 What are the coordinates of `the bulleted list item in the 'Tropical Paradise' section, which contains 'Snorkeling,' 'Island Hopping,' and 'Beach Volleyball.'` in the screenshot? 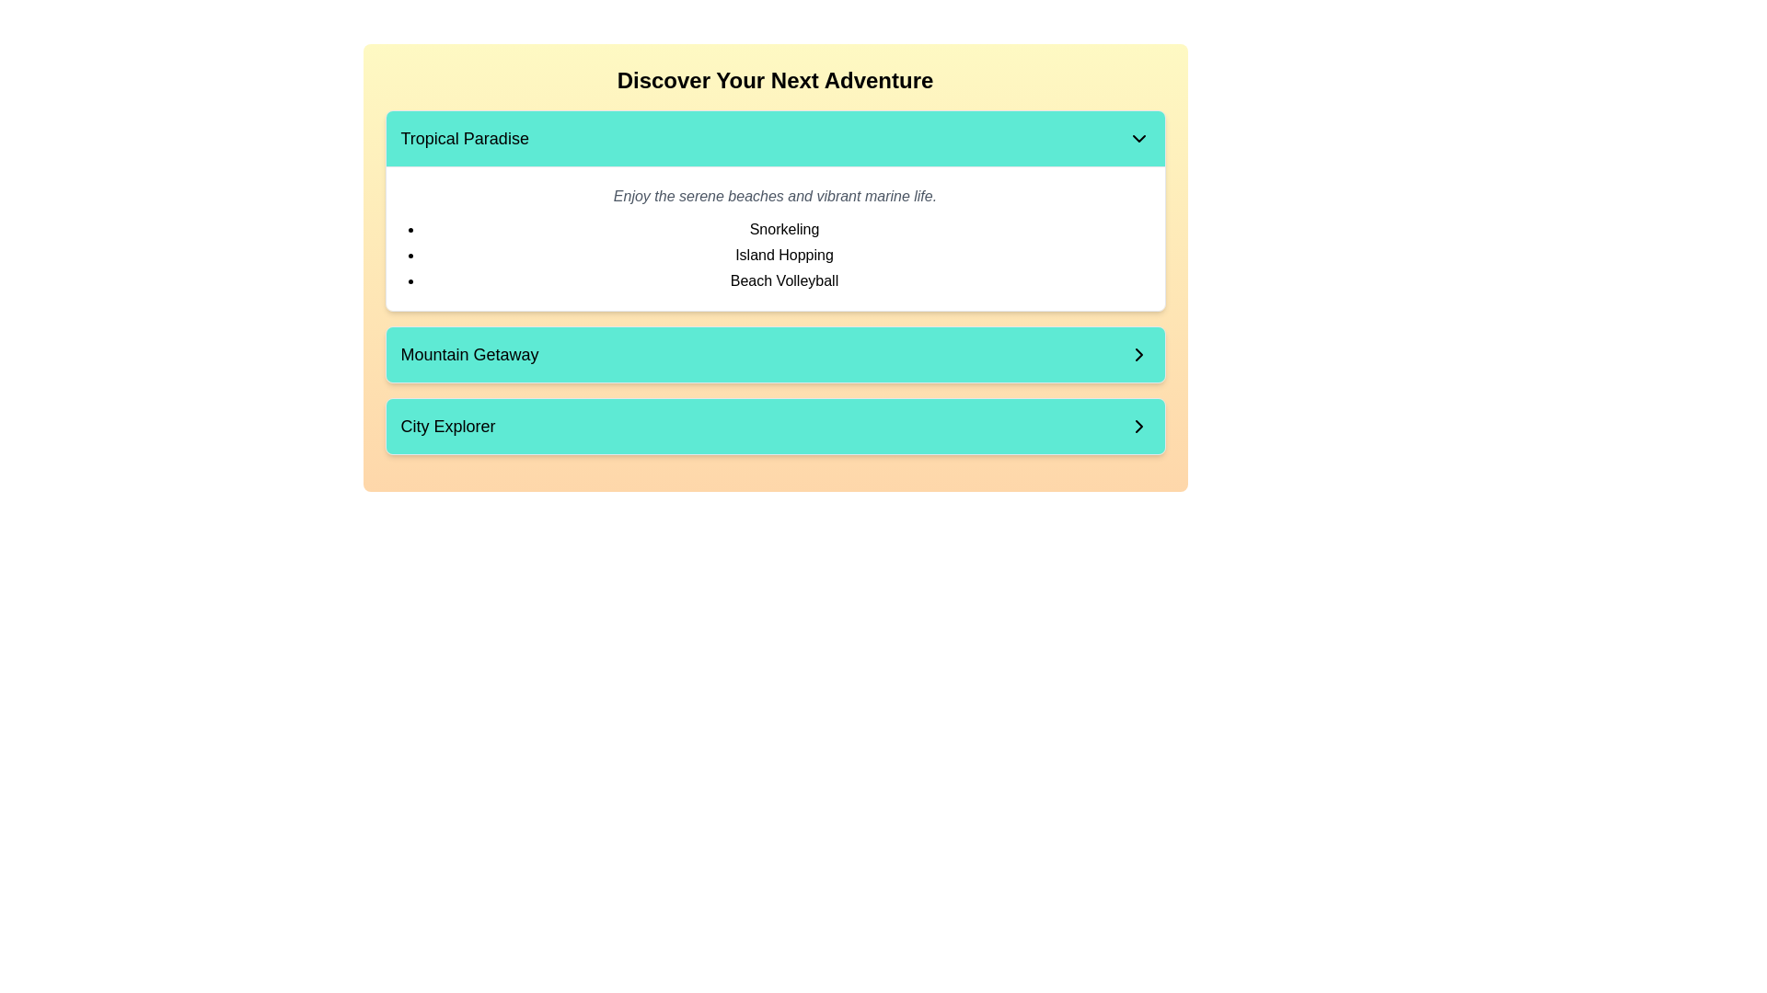 It's located at (775, 255).